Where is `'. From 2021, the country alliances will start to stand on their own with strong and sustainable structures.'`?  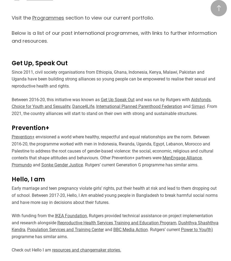
'. From 2021, the country alliances will start to stand on their own with strong and sustainable structures.' is located at coordinates (114, 109).